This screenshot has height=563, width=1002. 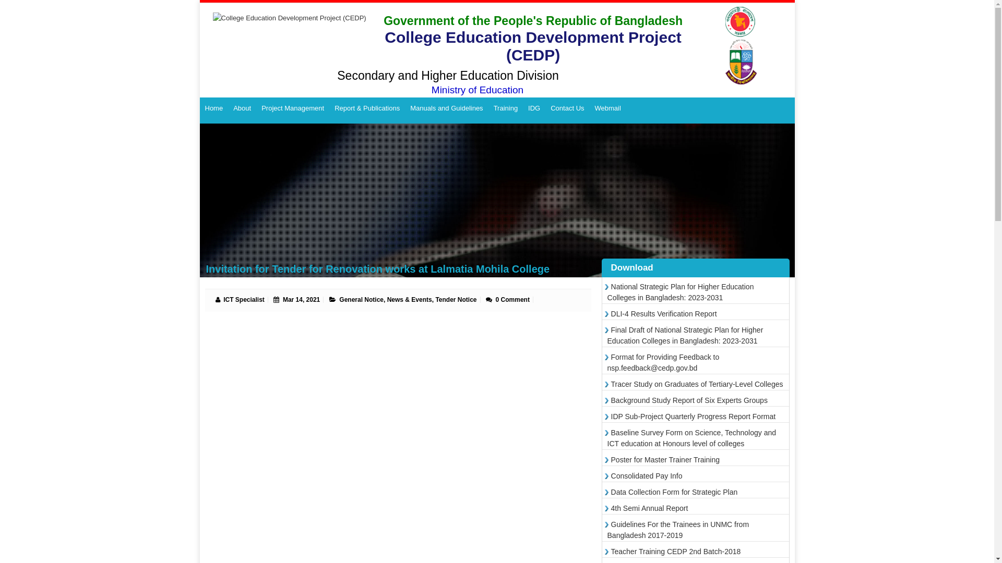 What do you see at coordinates (339, 299) in the screenshot?
I see `'General Notice'` at bounding box center [339, 299].